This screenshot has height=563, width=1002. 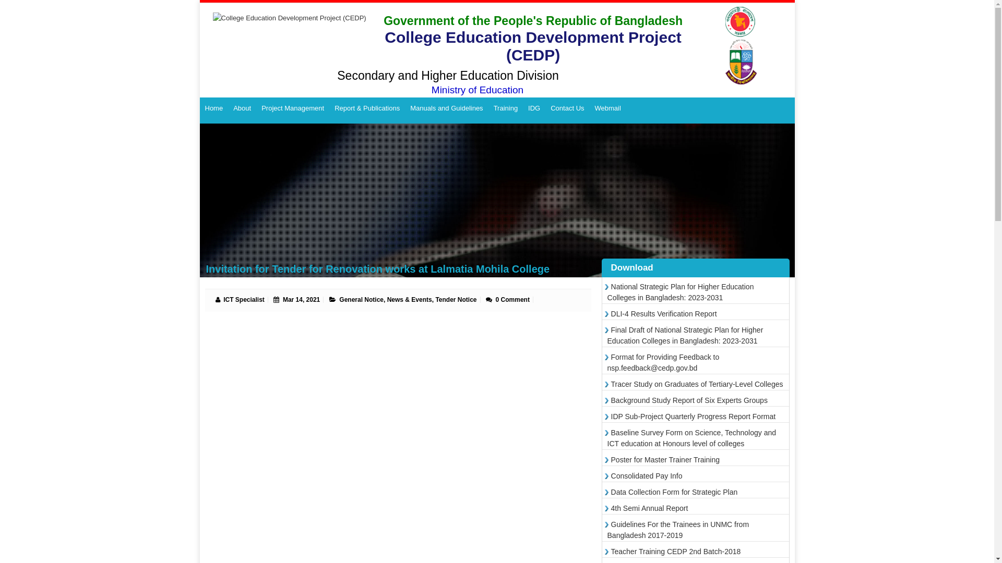 What do you see at coordinates (339, 299) in the screenshot?
I see `'General Notice'` at bounding box center [339, 299].